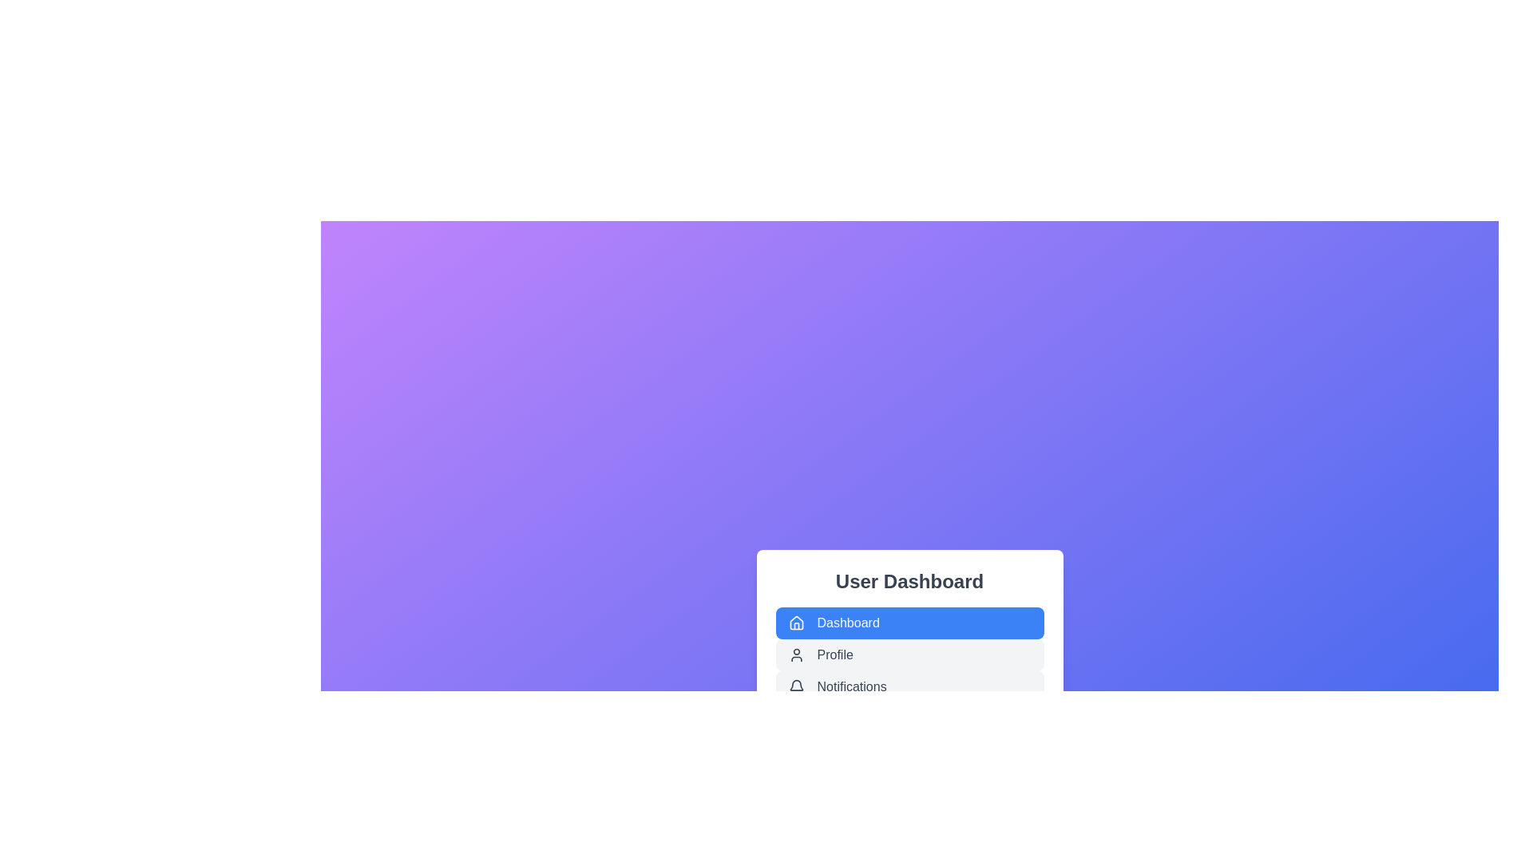 The width and height of the screenshot is (1533, 862). I want to click on the heading text that serves as the title for the section to check for any tooltip appearance, so click(909, 582).